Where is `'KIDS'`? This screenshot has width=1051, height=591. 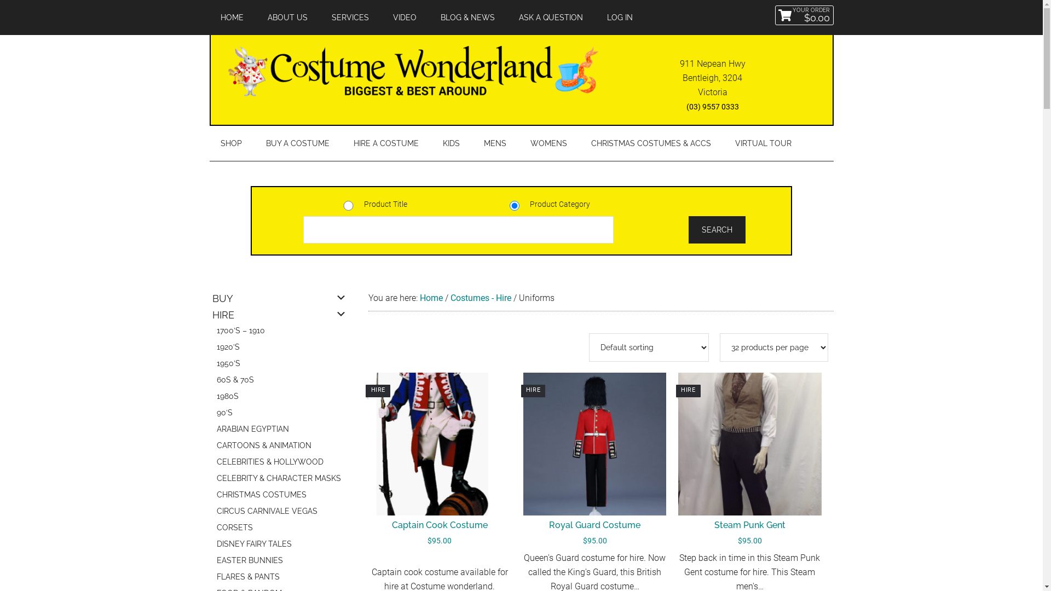 'KIDS' is located at coordinates (451, 143).